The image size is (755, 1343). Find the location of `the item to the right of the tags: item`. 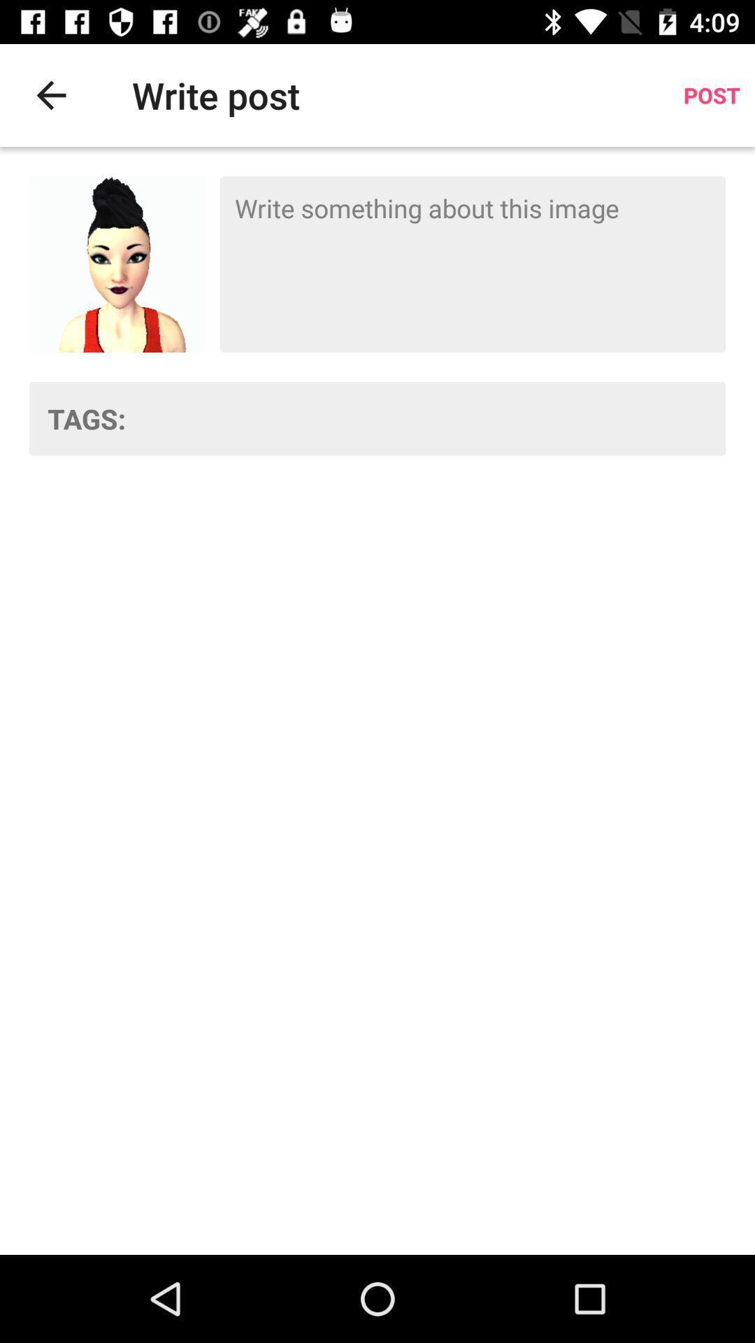

the item to the right of the tags: item is located at coordinates (434, 418).